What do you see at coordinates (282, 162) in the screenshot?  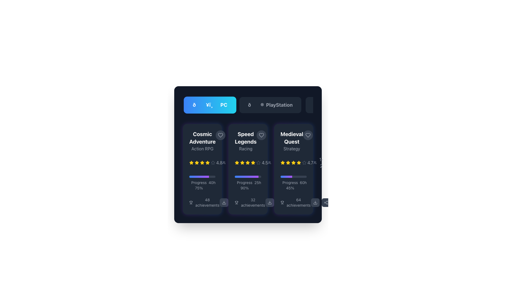 I see `the yellow star-shaped icon representing the 4.7-star rating for the game 'Medieval Quest', located in the third card from the left` at bounding box center [282, 162].